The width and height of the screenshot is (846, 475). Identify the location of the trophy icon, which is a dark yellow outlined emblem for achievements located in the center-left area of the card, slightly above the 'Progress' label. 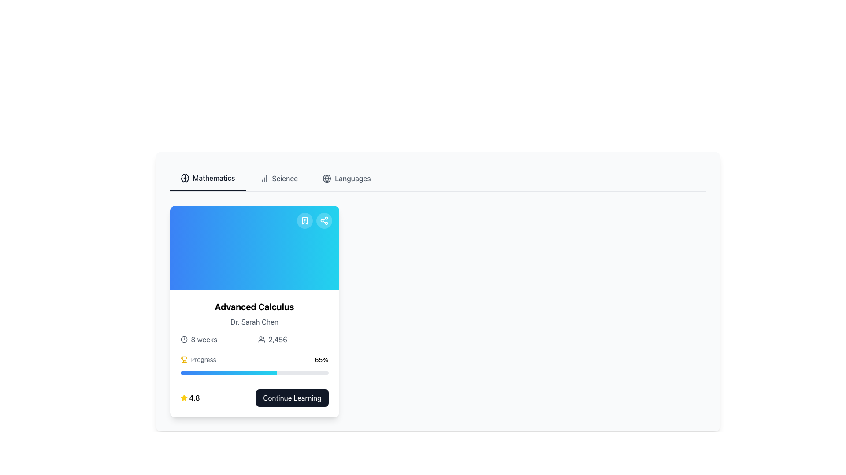
(183, 358).